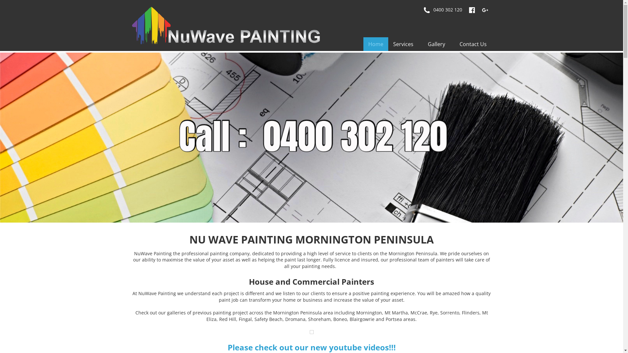 The image size is (628, 353). I want to click on 'Gallery', so click(438, 44).